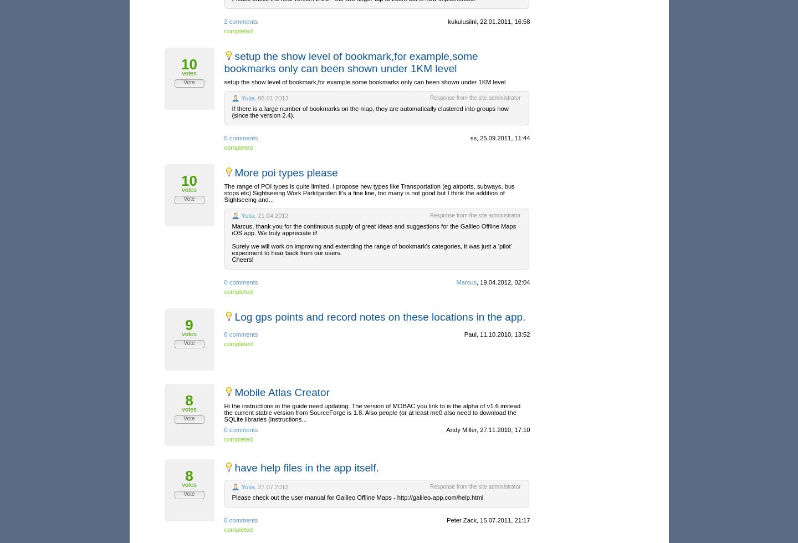  What do you see at coordinates (270, 215) in the screenshot?
I see `', 21.04.2012'` at bounding box center [270, 215].